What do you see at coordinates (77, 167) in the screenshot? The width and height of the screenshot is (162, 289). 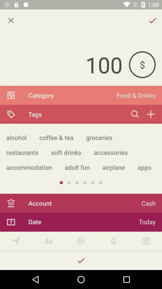 I see `icon to the right of the accommodation app` at bounding box center [77, 167].